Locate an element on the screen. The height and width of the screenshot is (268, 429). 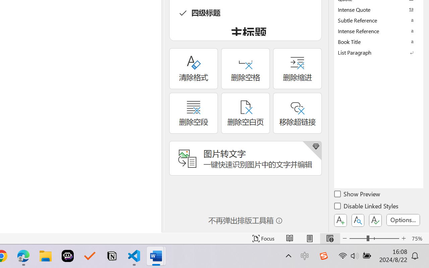
'Disable Linked Styles' is located at coordinates (367, 207).